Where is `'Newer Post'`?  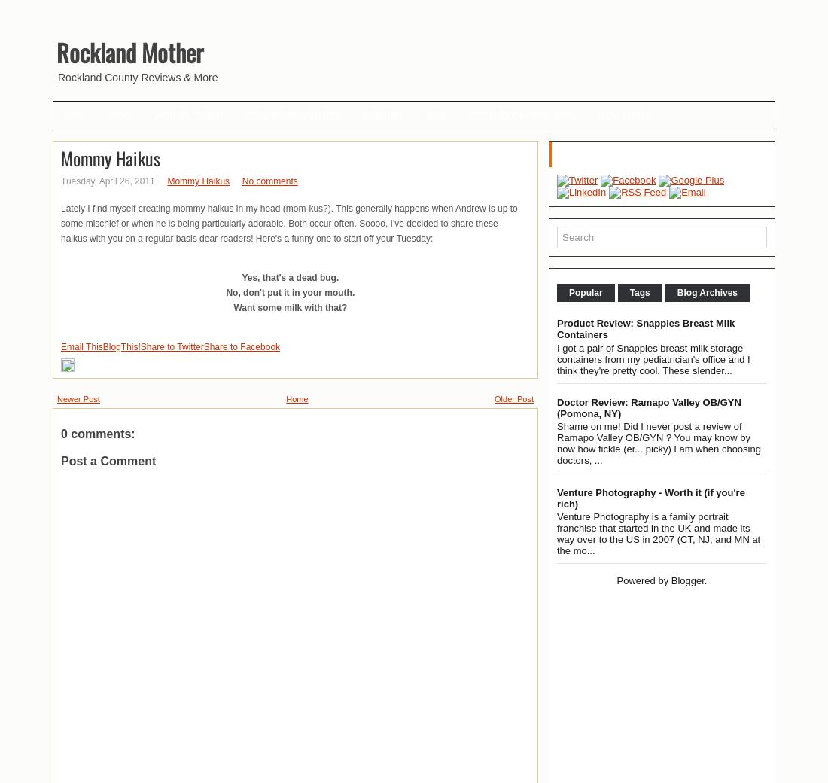
'Newer Post' is located at coordinates (78, 398).